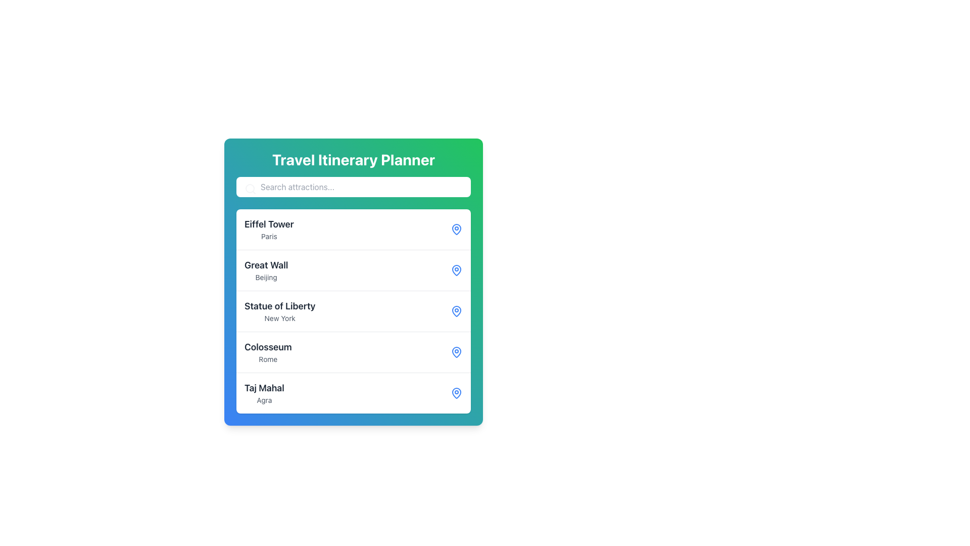  What do you see at coordinates (456, 269) in the screenshot?
I see `the lower portion of the heart-shaped pin icon, filled with blue, located to the right of the 'Great Wall' item in the 'Travel Itinerary Planner' interface` at bounding box center [456, 269].